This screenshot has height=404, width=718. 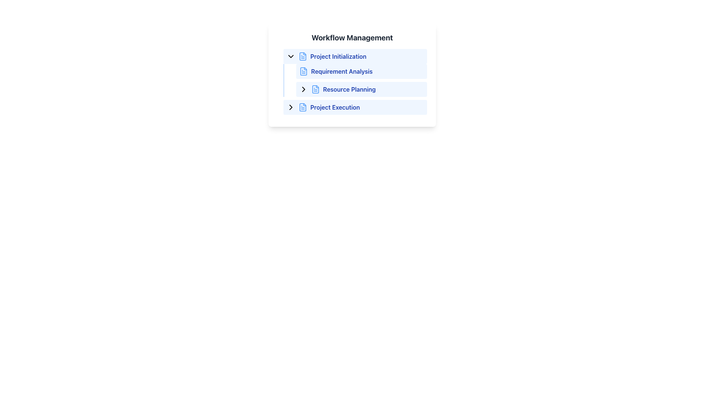 What do you see at coordinates (361, 89) in the screenshot?
I see `the arrow icon of the second expandable list item under 'Requirement Analysis' in the workflow management interface` at bounding box center [361, 89].